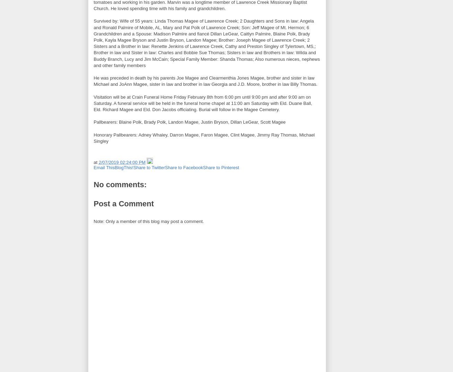 This screenshot has width=453, height=372. I want to click on 'BlogThis!', so click(123, 167).